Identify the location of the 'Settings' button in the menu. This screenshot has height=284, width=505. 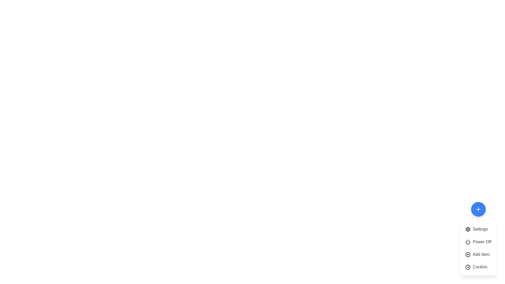
(478, 229).